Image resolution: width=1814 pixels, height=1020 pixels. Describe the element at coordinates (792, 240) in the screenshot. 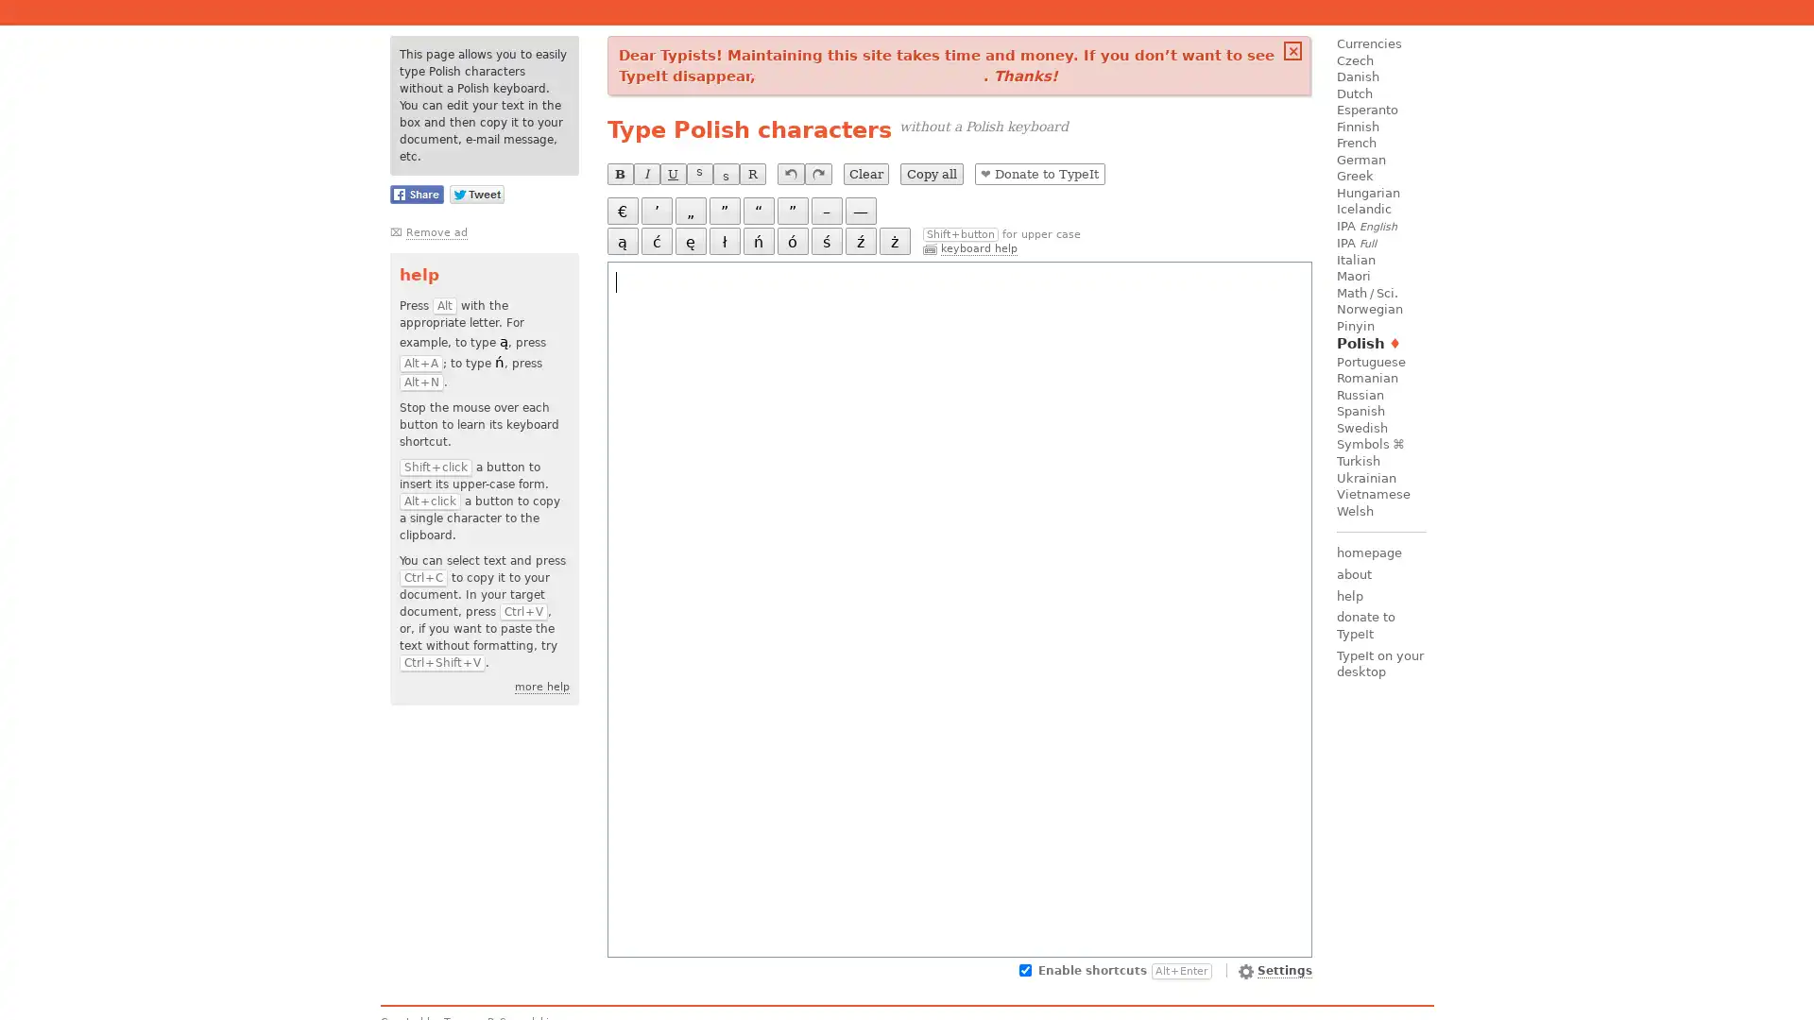

I see `o` at that location.